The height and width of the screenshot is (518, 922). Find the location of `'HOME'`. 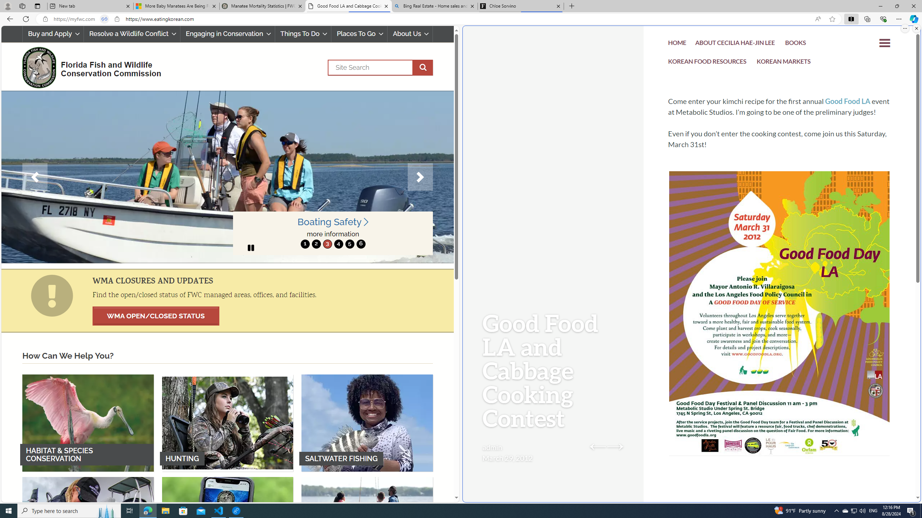

'HOME' is located at coordinates (677, 44).